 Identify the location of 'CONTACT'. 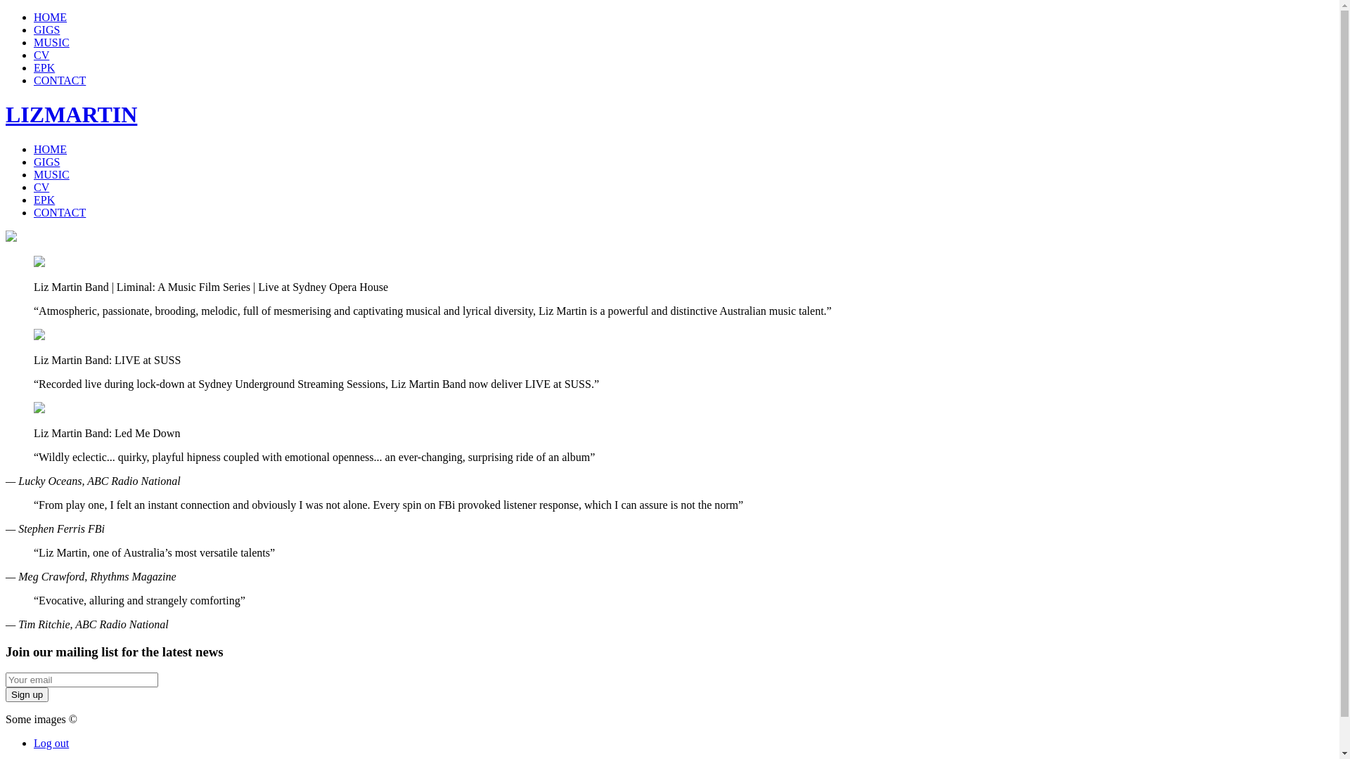
(59, 80).